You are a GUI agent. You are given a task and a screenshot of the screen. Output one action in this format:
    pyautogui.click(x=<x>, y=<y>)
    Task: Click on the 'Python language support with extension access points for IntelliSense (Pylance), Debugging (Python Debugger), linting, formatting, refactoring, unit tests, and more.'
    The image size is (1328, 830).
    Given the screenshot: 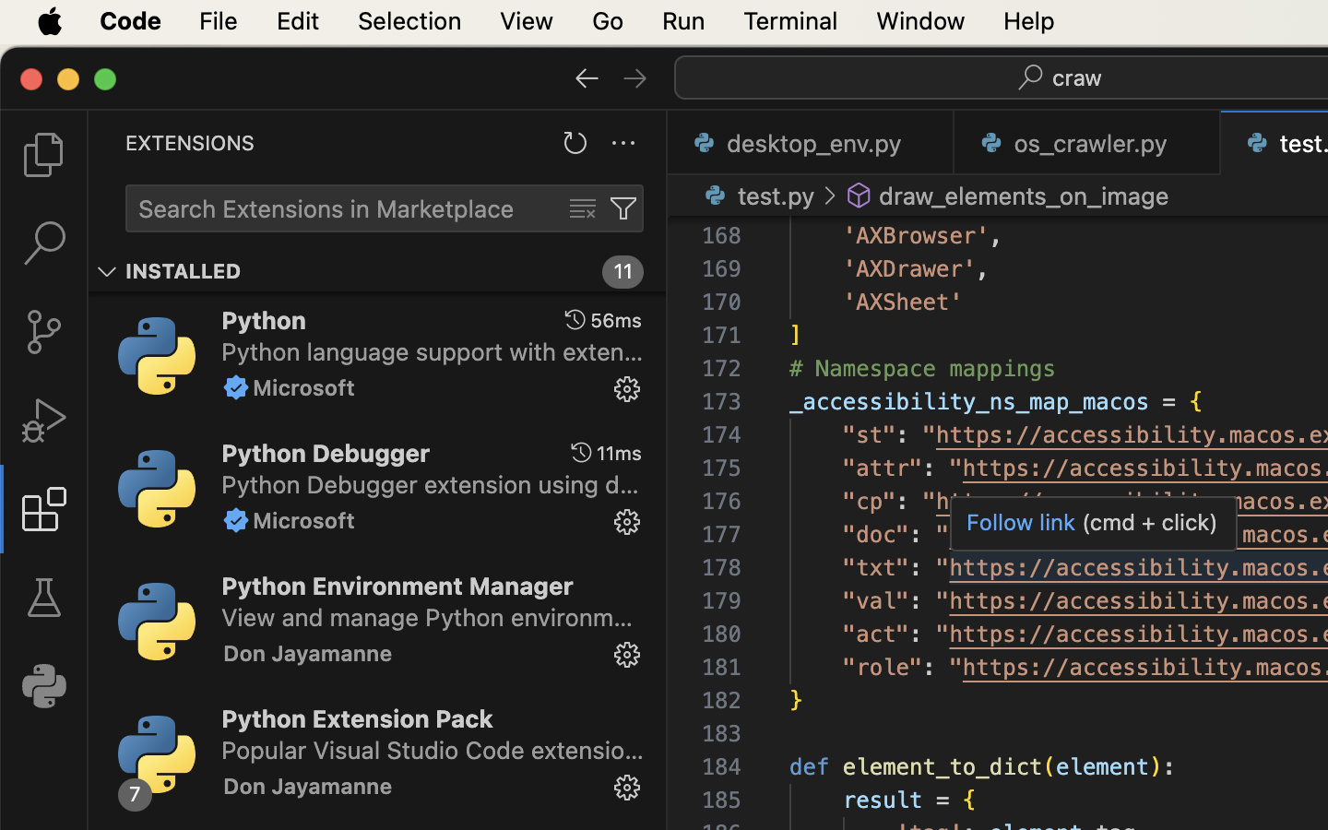 What is the action you would take?
    pyautogui.click(x=433, y=350)
    